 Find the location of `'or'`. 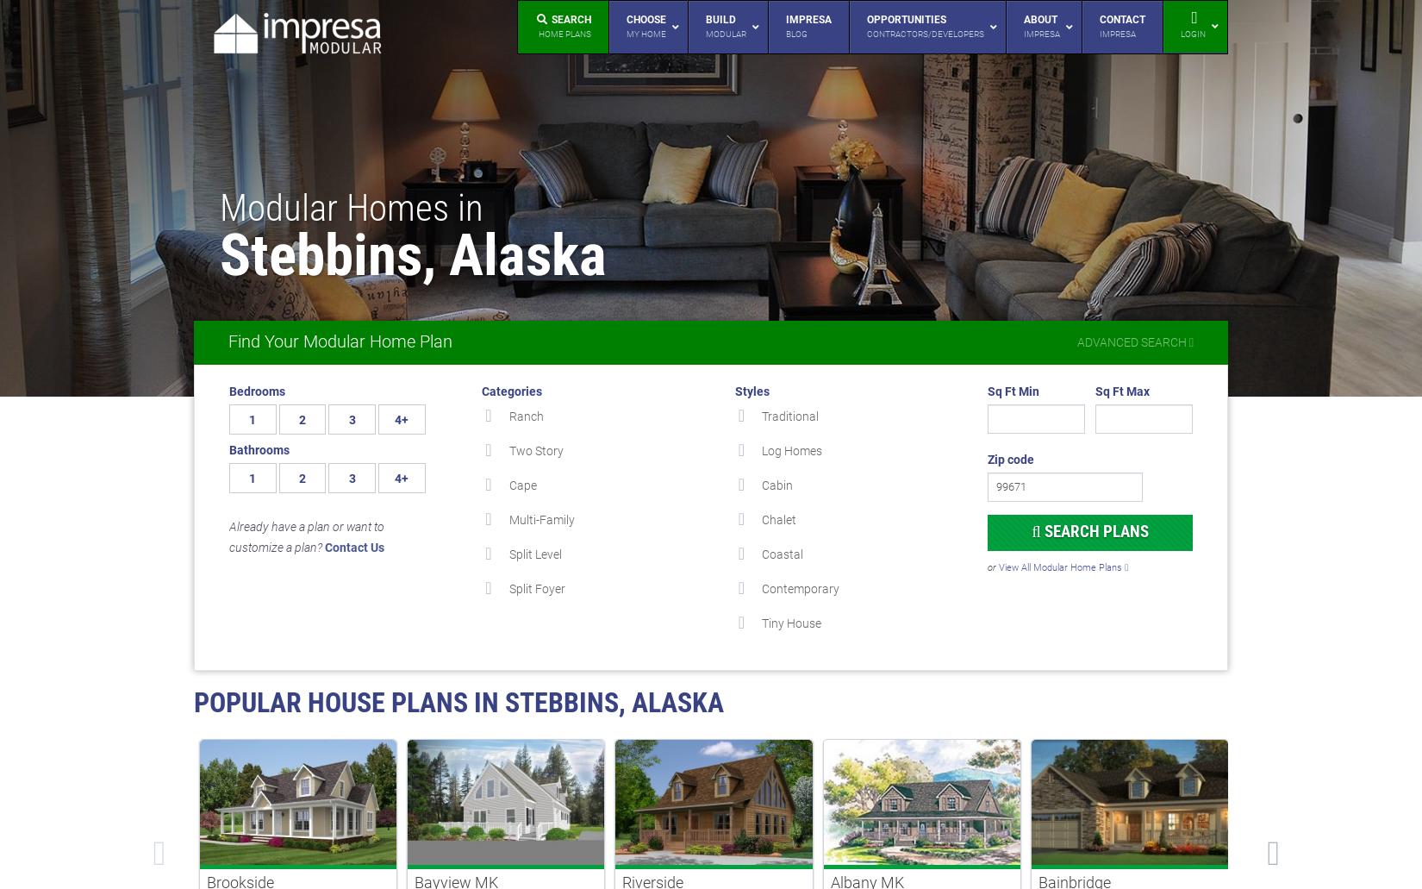

'or' is located at coordinates (987, 567).